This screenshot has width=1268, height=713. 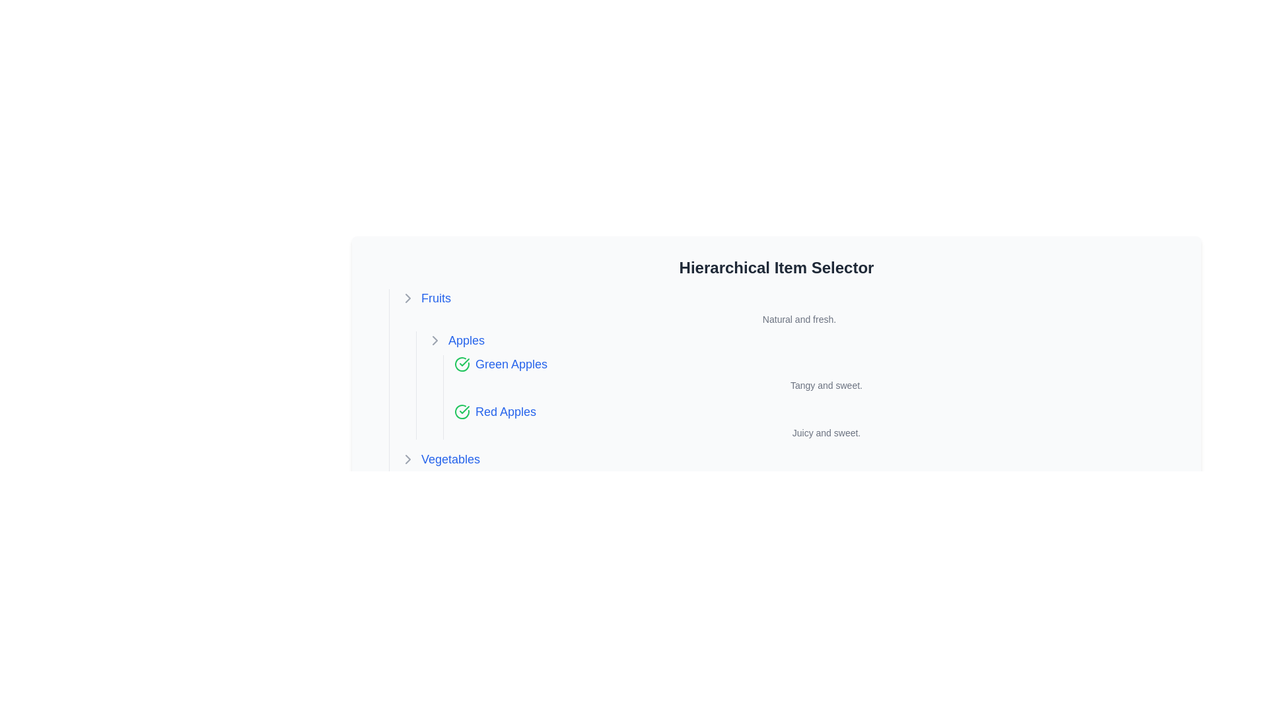 What do you see at coordinates (790, 319) in the screenshot?
I see `the static text element that displays 'Natural and fresh.' located directly below the 'Fruits' header in the hierarchical item selector interface` at bounding box center [790, 319].